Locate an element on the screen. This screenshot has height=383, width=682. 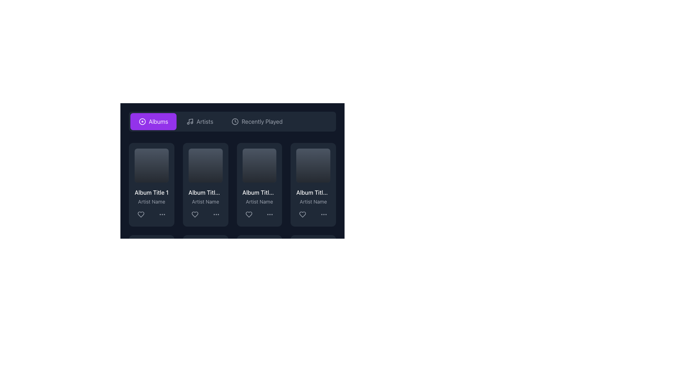
the 'Like' or 'Favorite' button located in the first column beneath the album title is located at coordinates (141, 214).